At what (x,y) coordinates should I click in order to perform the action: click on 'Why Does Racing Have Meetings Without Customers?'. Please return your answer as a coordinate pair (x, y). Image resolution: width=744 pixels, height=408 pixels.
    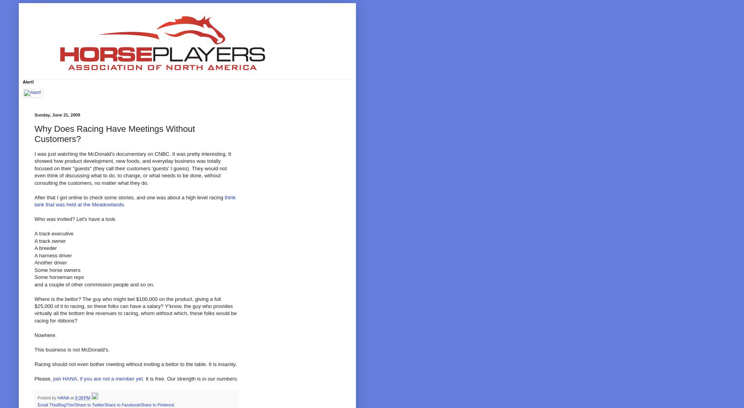
    Looking at the image, I should click on (114, 133).